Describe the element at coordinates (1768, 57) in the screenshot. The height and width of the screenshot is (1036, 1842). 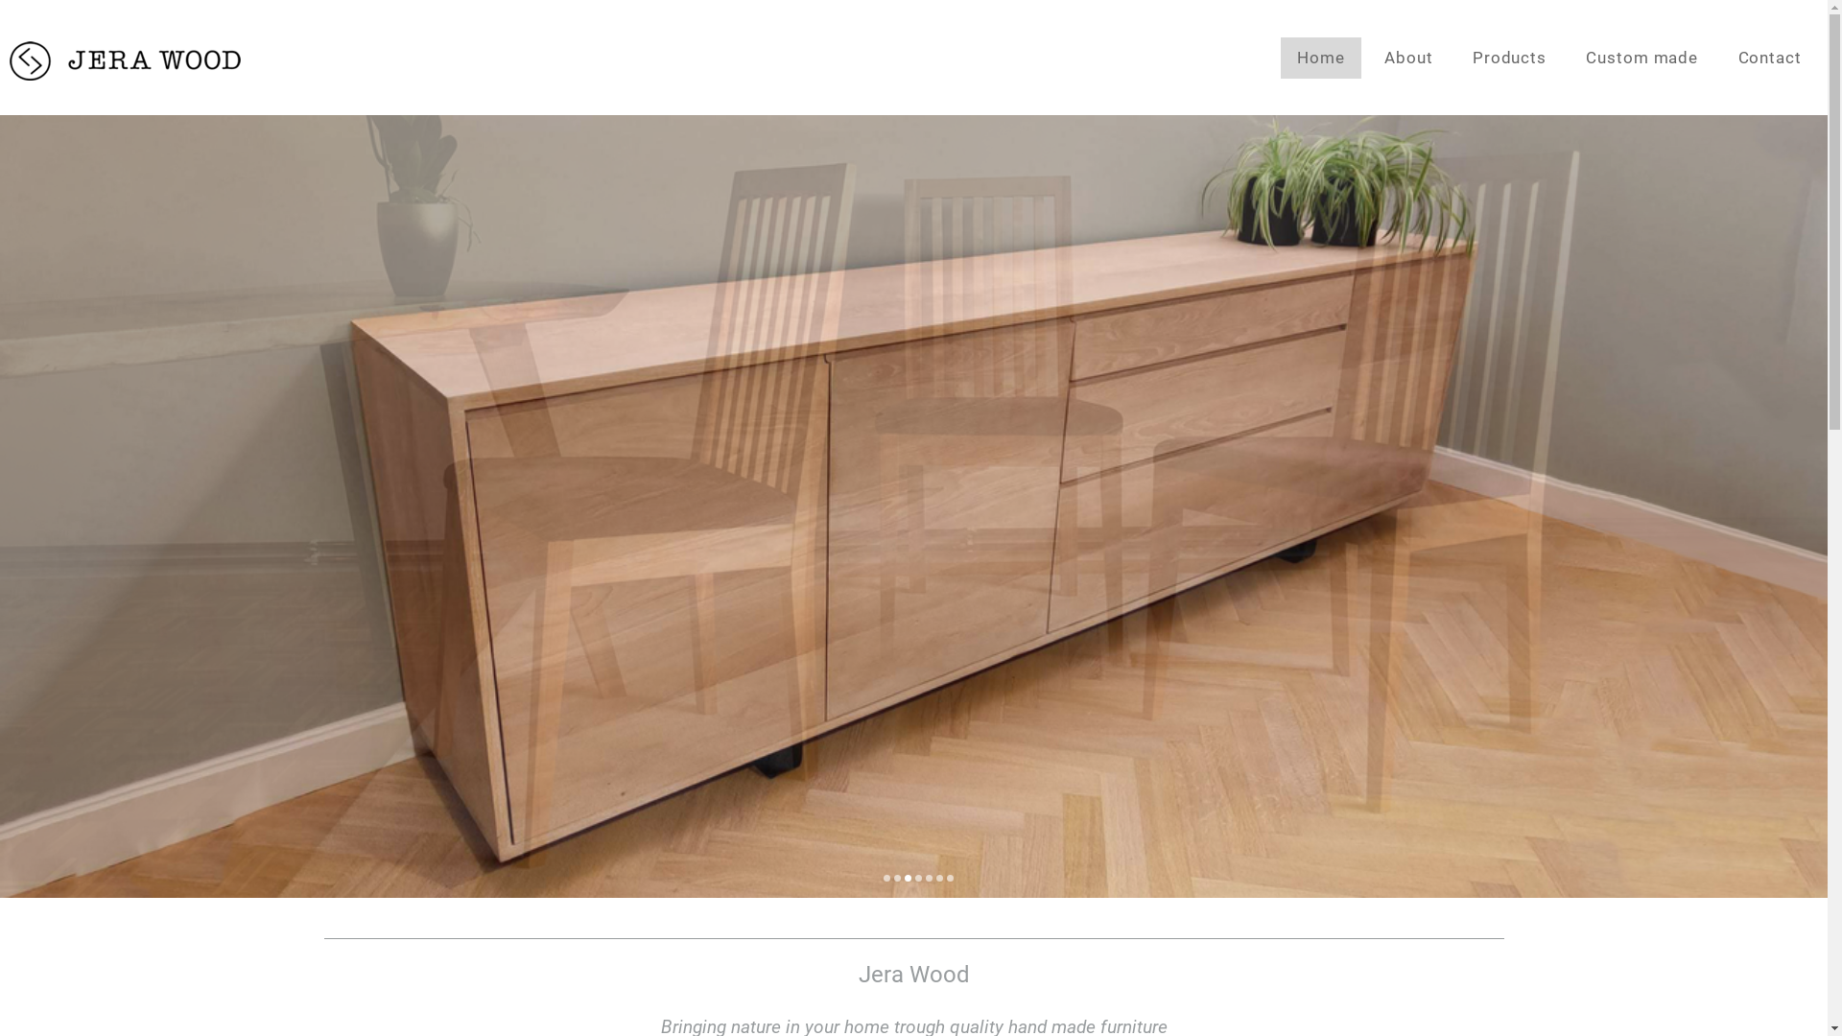
I see `'Contact'` at that location.